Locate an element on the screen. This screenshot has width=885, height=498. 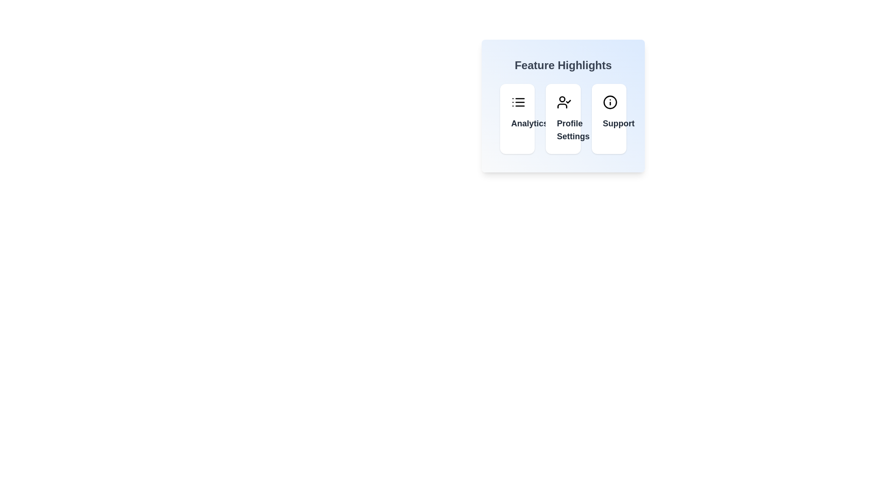
the circular SVG element that represents a part of the 'Profile Settings' icon, located in the center of the 'Feature Highlights' section is located at coordinates (562, 99).